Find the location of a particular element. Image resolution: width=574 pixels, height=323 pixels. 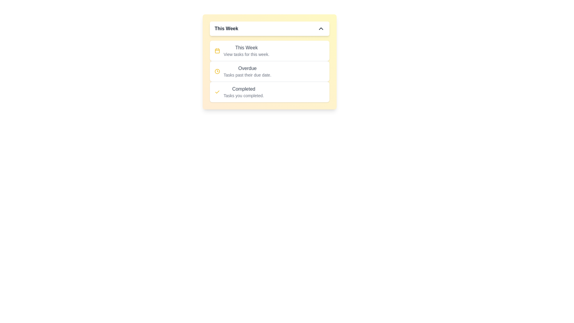

the task category Overdue by clicking on the corresponding item in the list is located at coordinates (269, 71).